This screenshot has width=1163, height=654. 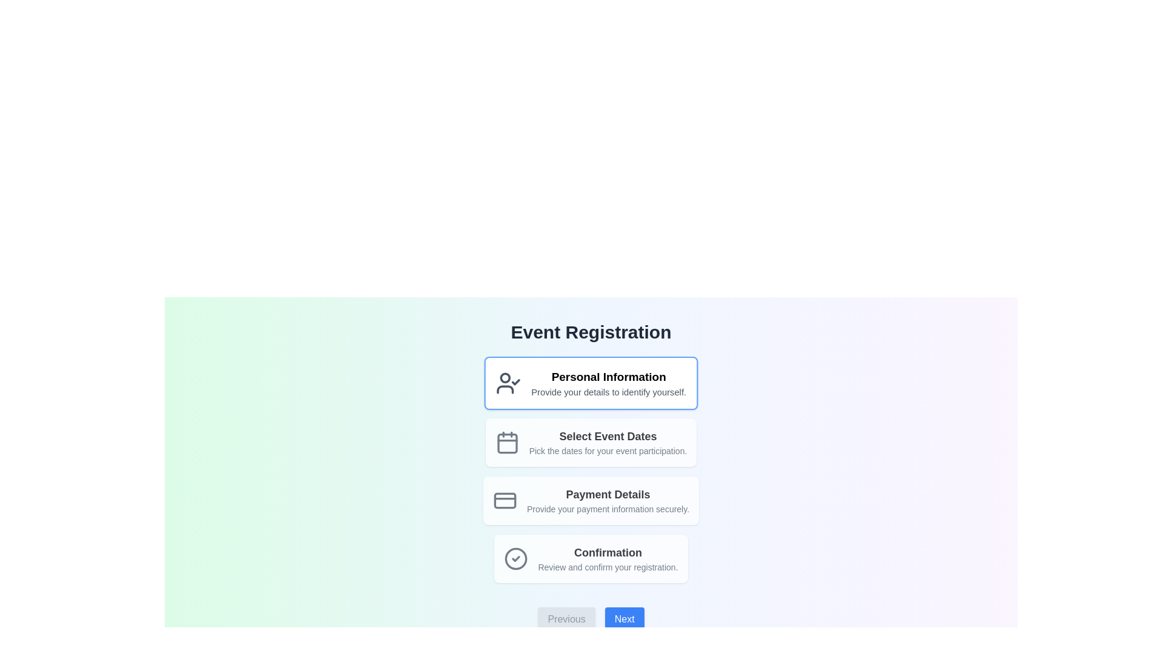 What do you see at coordinates (608, 451) in the screenshot?
I see `the text label reading 'Pick the dates for your event participation.' which is located directly beneath the title 'Select Event Dates' in the event date selection section` at bounding box center [608, 451].